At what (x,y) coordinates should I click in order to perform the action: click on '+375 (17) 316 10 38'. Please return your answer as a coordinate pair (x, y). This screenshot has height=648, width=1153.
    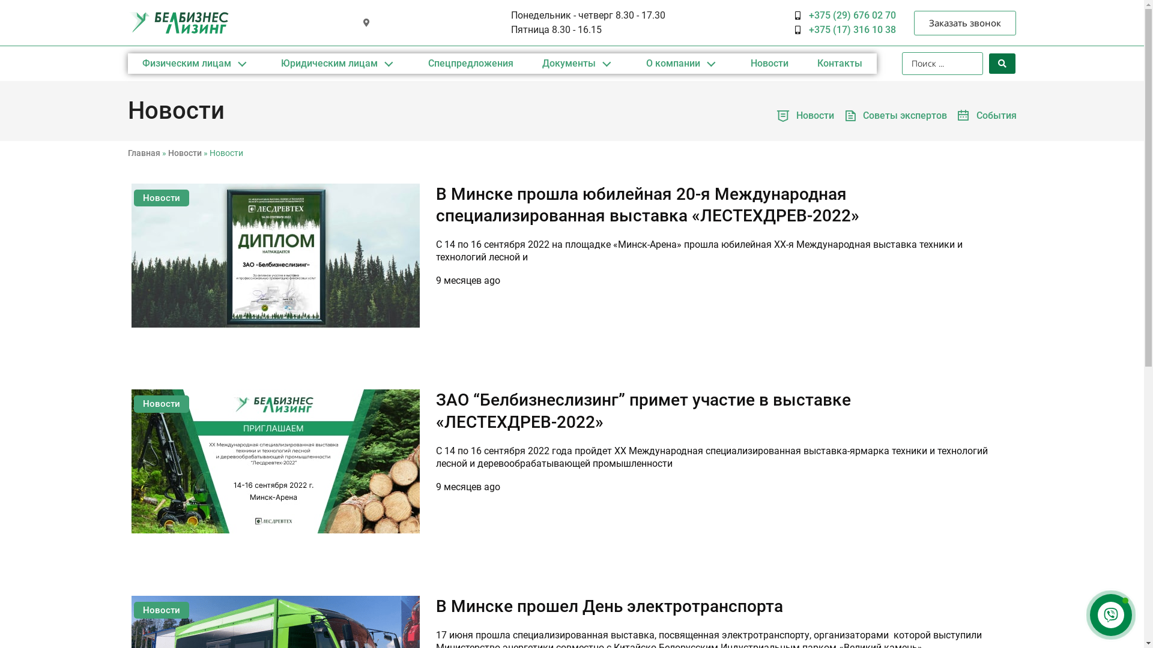
    Looking at the image, I should click on (844, 29).